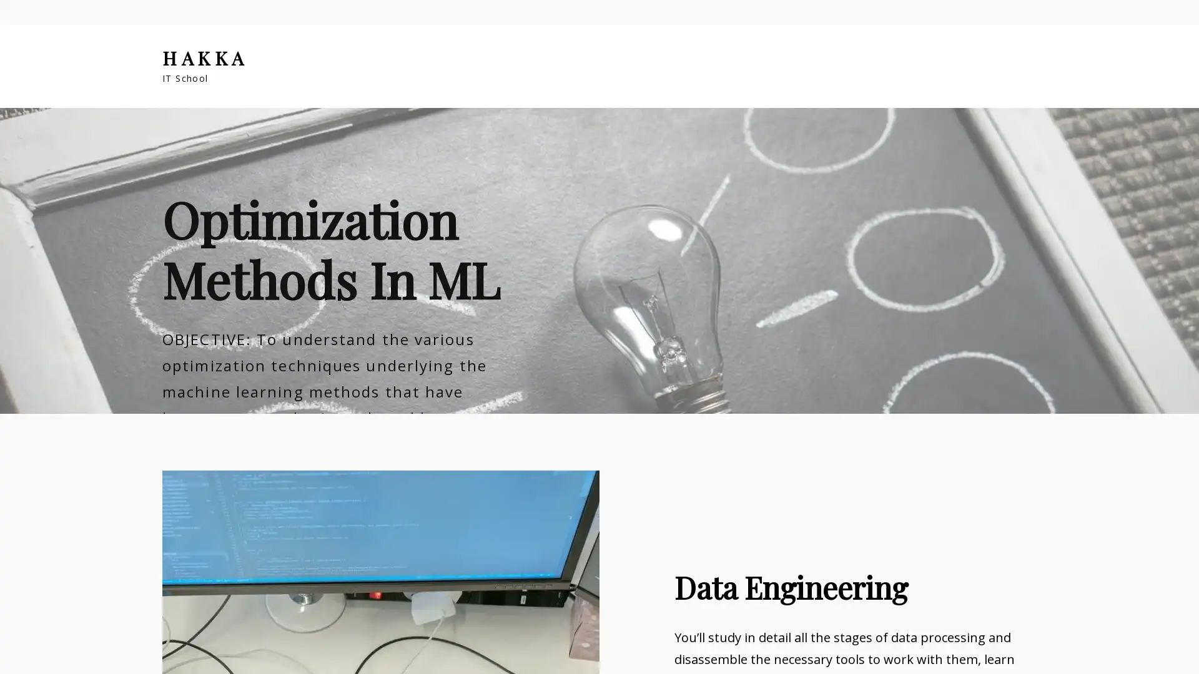  I want to click on Previous, so click(19, 354).